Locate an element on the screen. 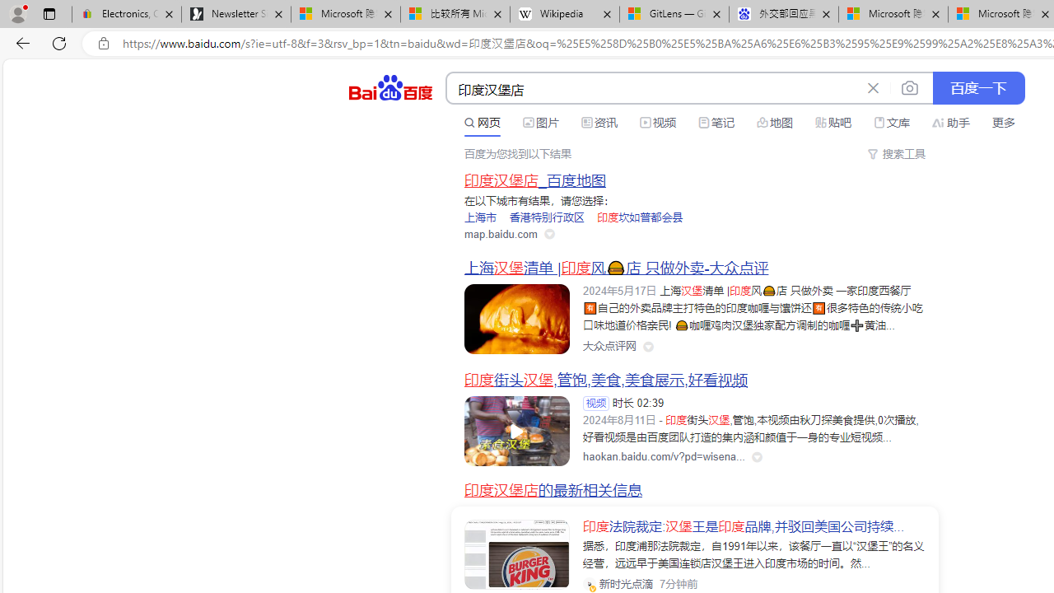 This screenshot has height=593, width=1054. 'Newsletter Sign Up' is located at coordinates (236, 14).